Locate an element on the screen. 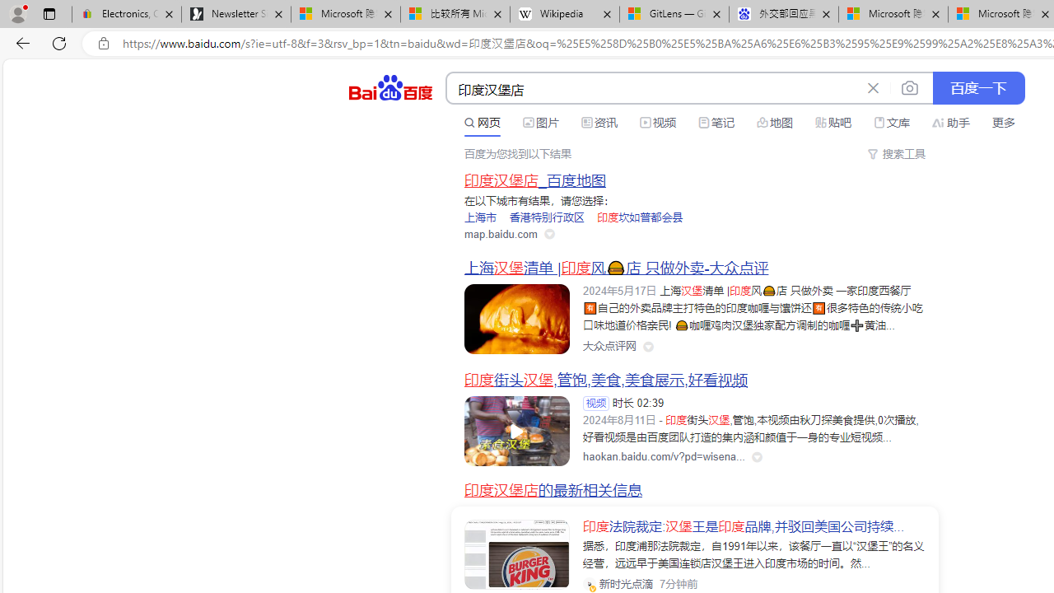 This screenshot has height=593, width=1054. 'Newsletter Sign Up' is located at coordinates (236, 14).